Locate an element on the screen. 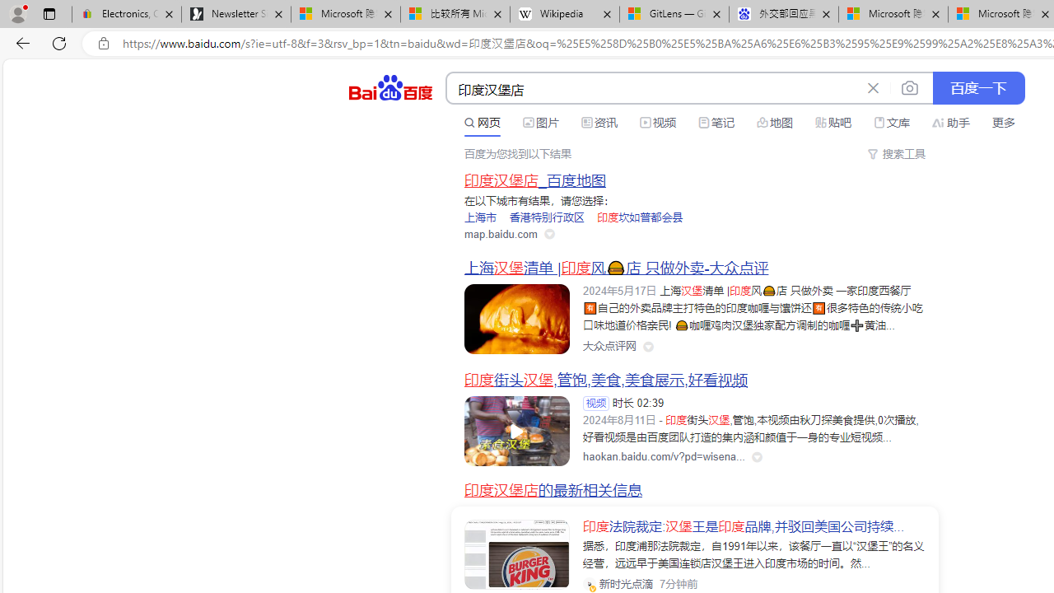 This screenshot has height=593, width=1054. 'Newsletter Sign Up' is located at coordinates (236, 14).